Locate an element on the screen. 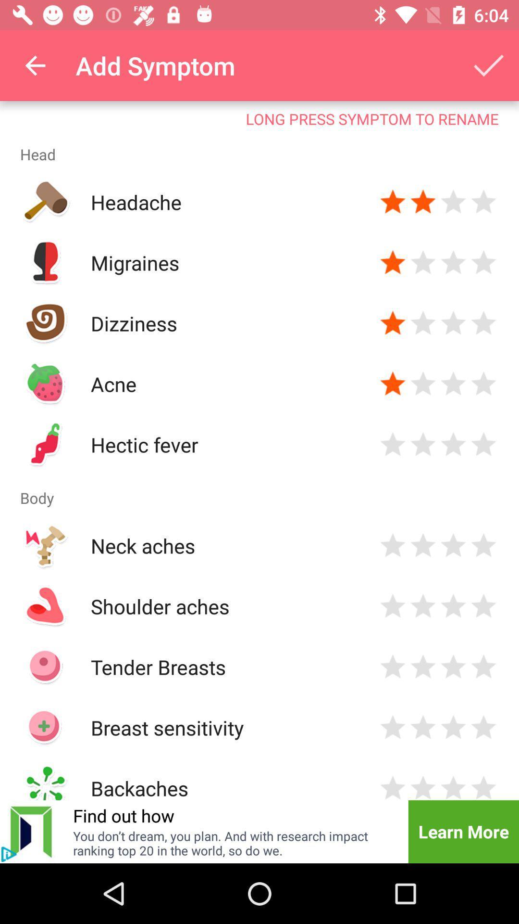 The width and height of the screenshot is (519, 924). rate 3 is located at coordinates (453, 545).